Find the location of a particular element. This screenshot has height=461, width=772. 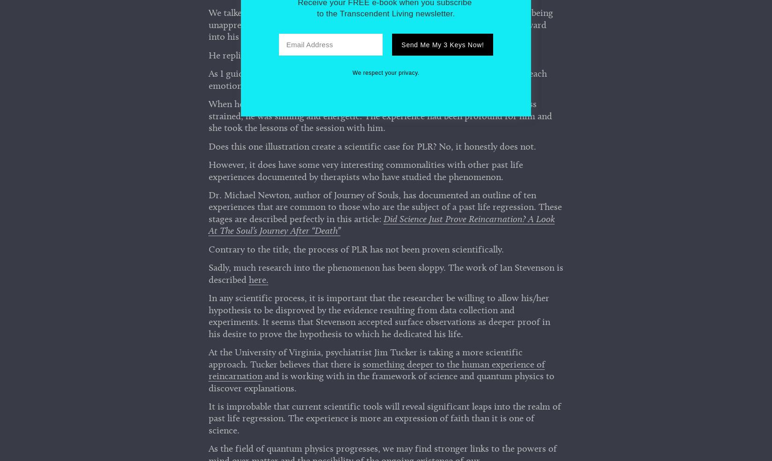

'Contrary to the title, the process of PLR has not been proven scientifically.' is located at coordinates (355, 252).